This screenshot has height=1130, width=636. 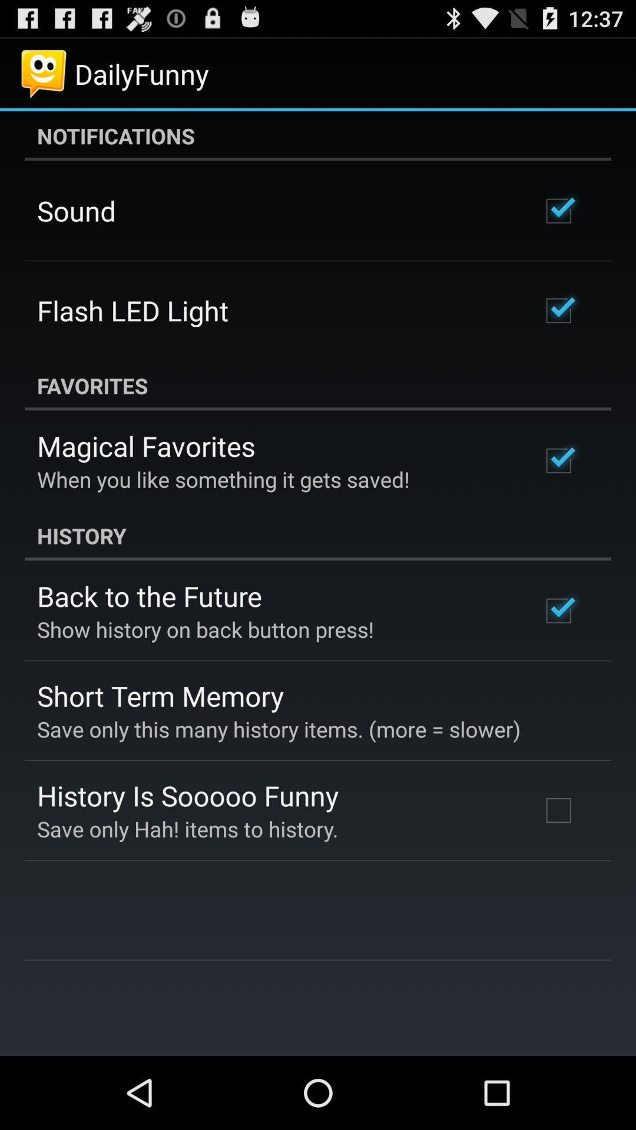 What do you see at coordinates (145, 445) in the screenshot?
I see `app below favorites` at bounding box center [145, 445].